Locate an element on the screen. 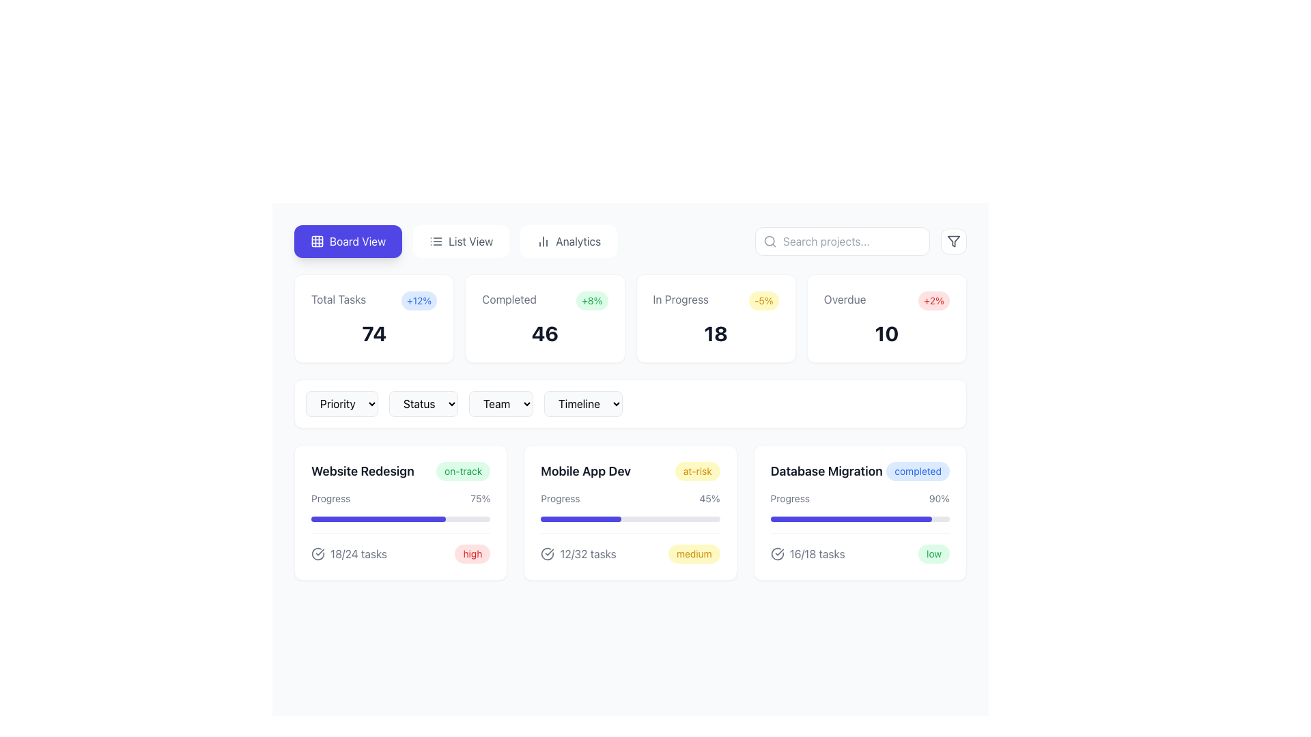 The image size is (1311, 737). the pill-shaped label with a soft blue background and bold blue text content '+12%', located to the right of the text 'Total Tasks' in the top-left section of the interface is located at coordinates (419, 300).